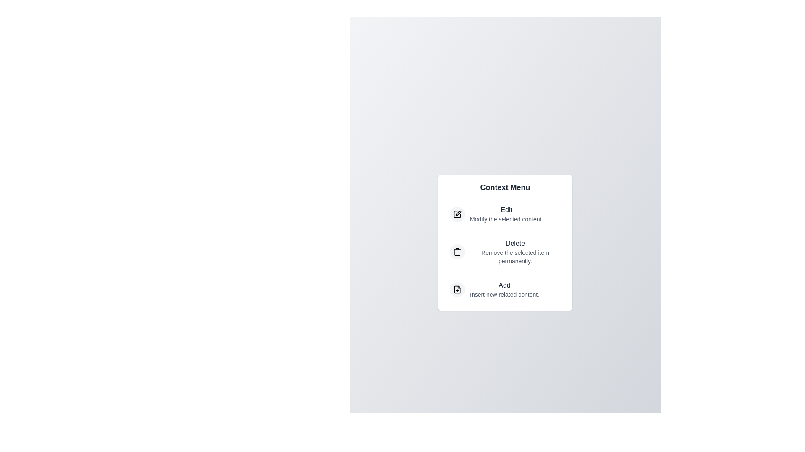  Describe the element at coordinates (504, 289) in the screenshot. I see `the 'Add' option to insert new content` at that location.